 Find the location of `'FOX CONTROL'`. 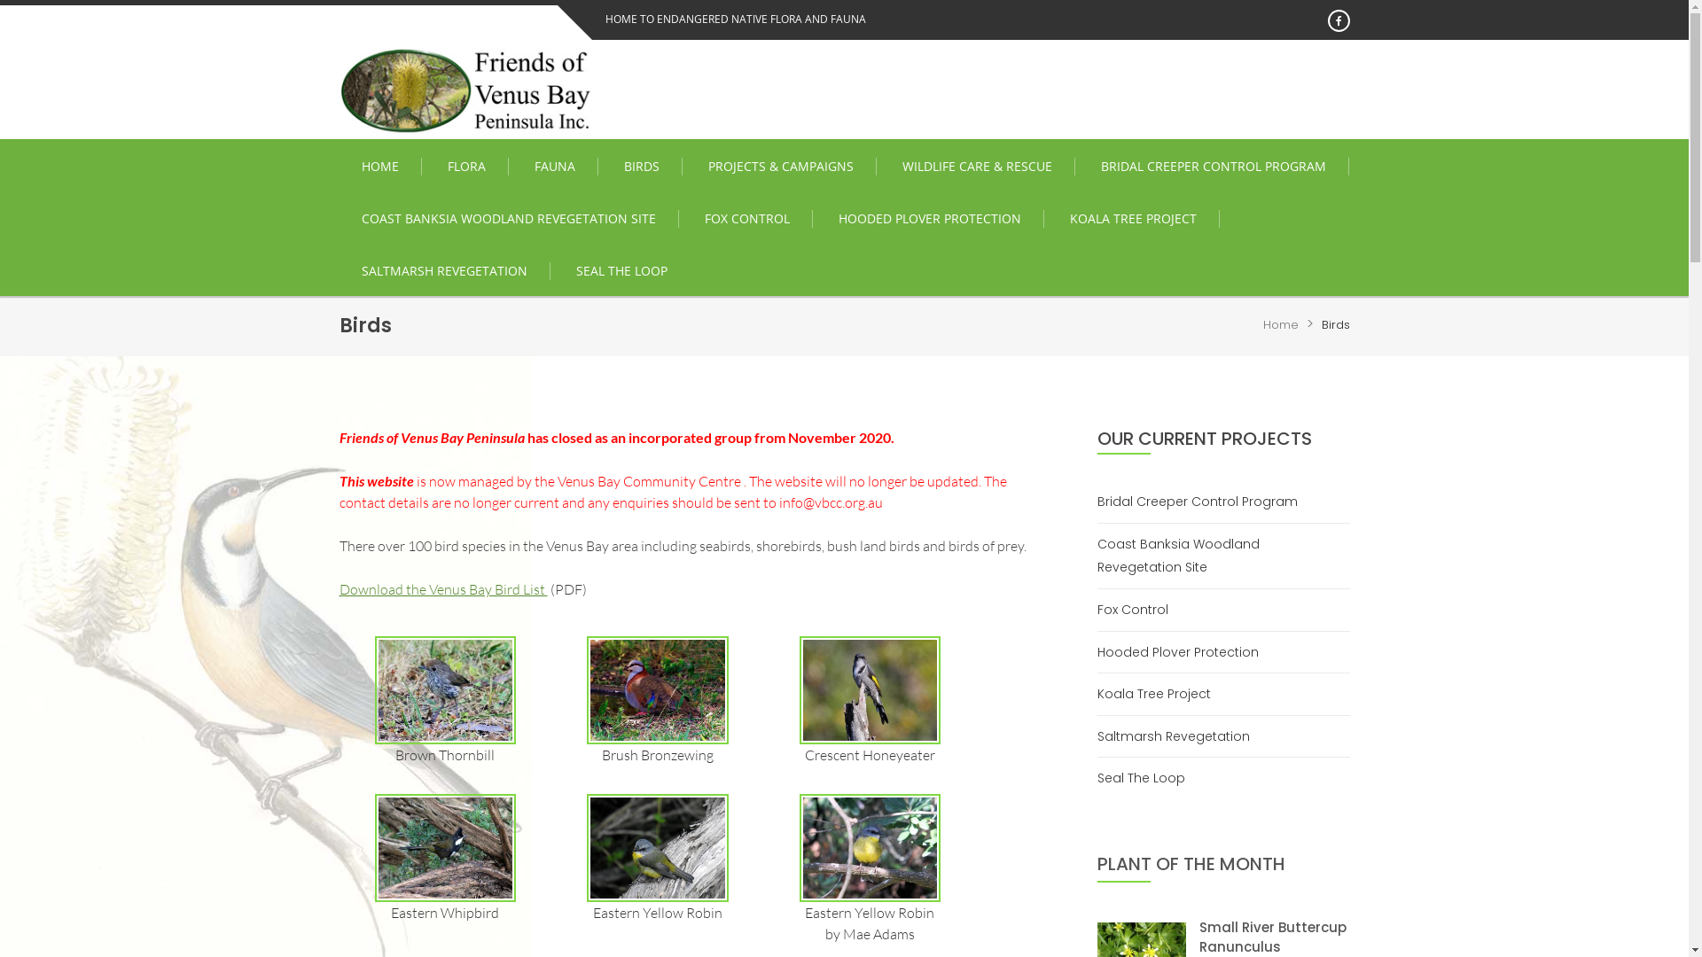

'FOX CONTROL' is located at coordinates (747, 217).